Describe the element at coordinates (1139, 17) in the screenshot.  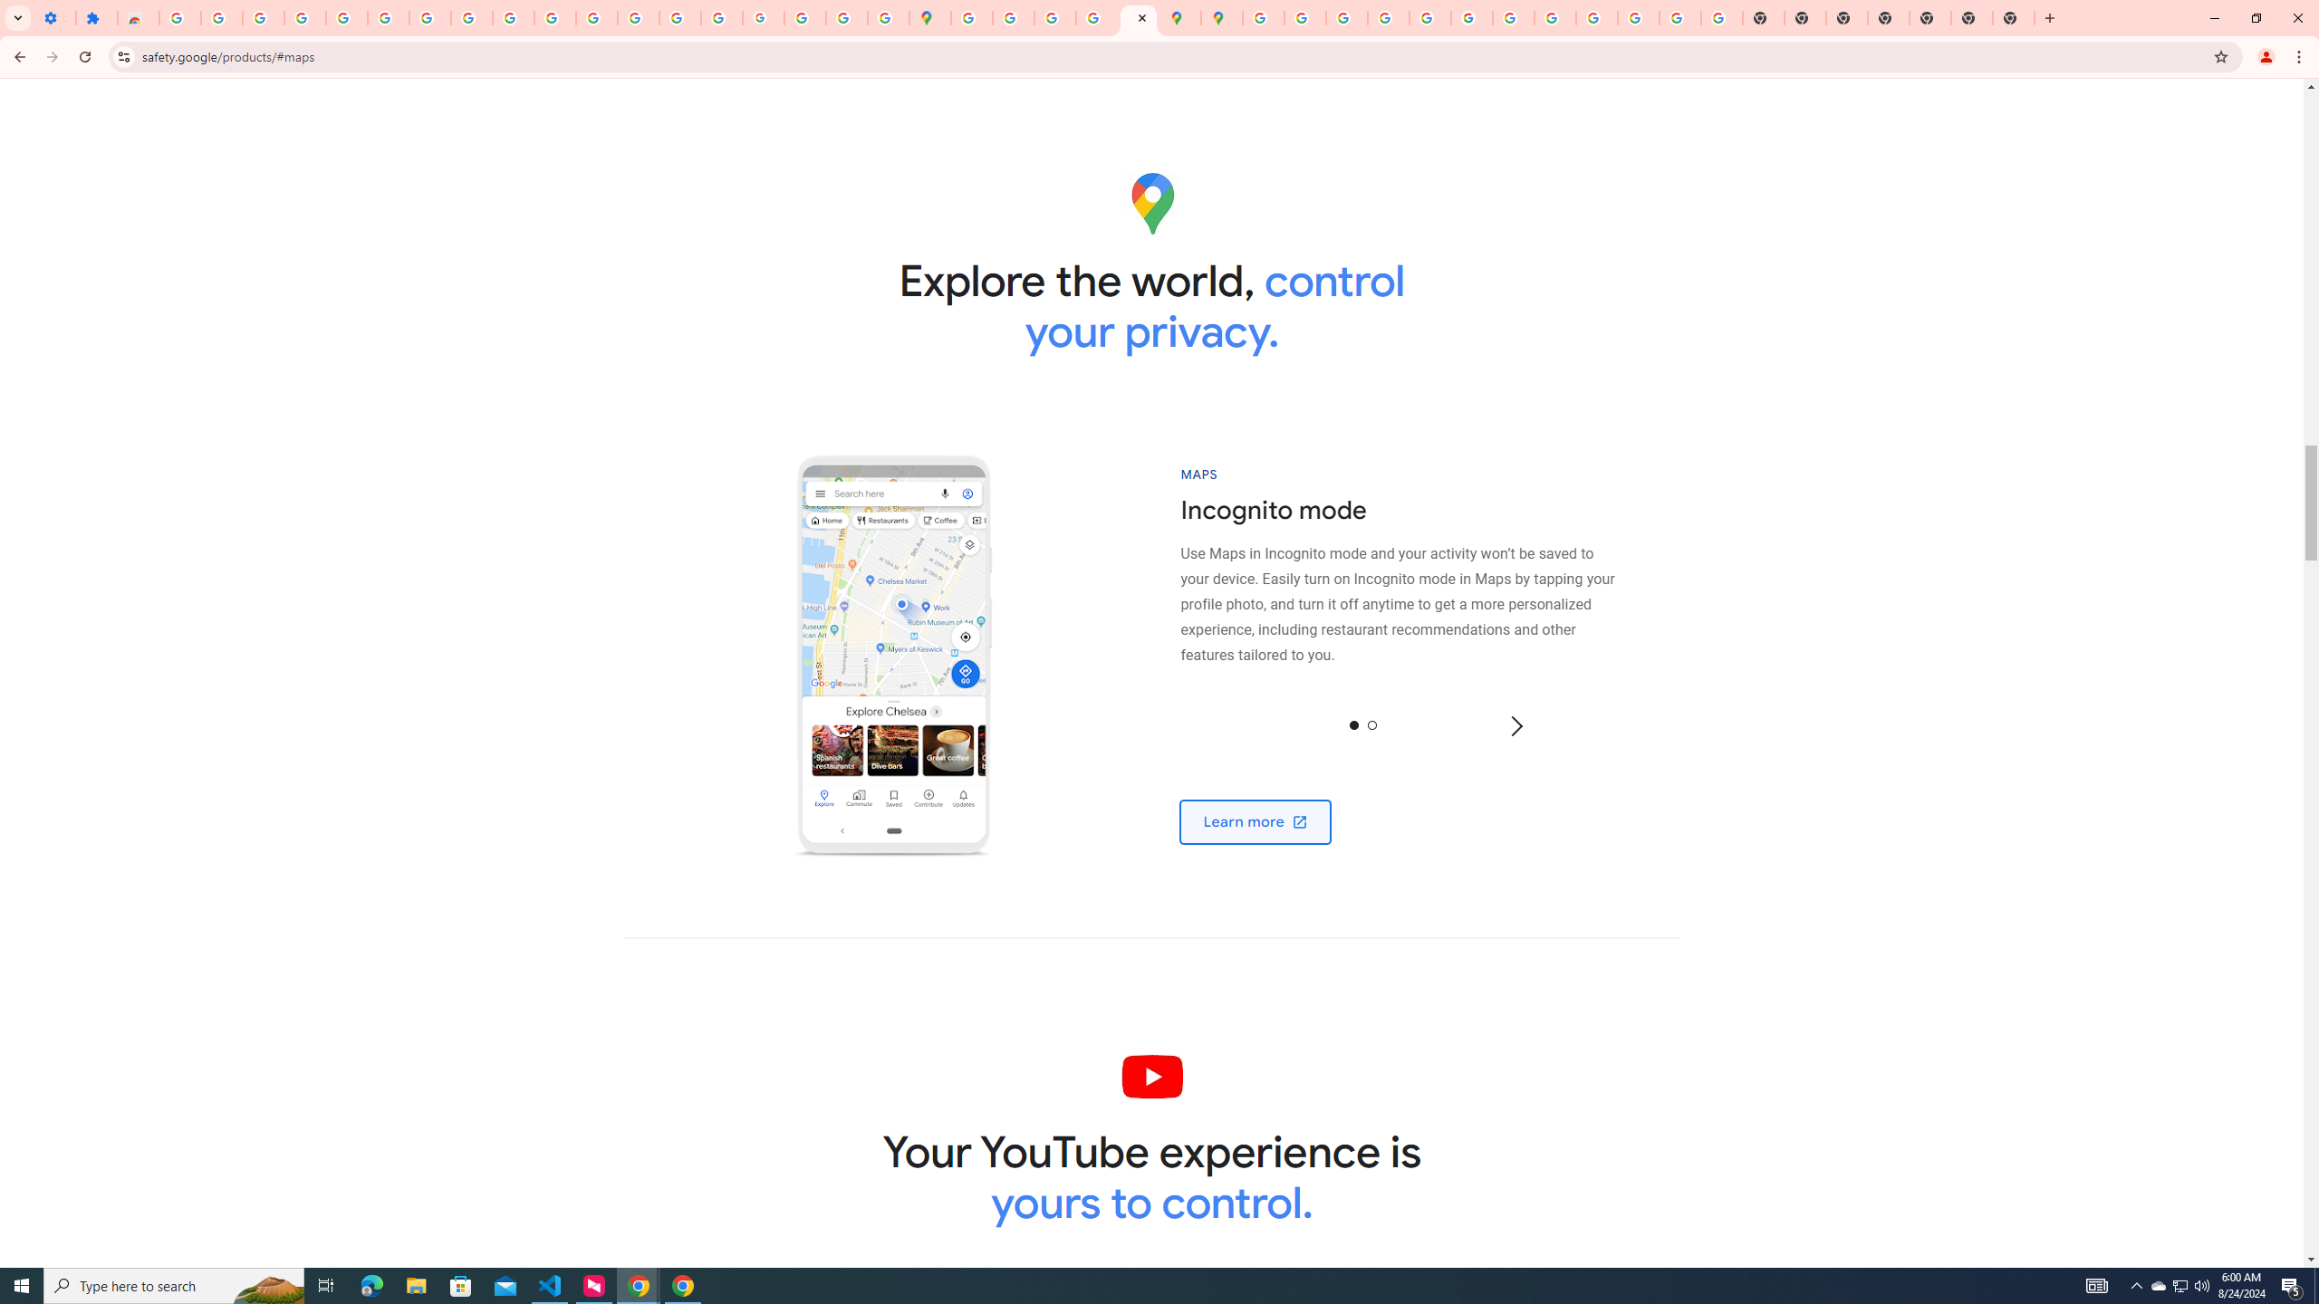
I see `'Safety in Our Products - Google Safety Center'` at that location.